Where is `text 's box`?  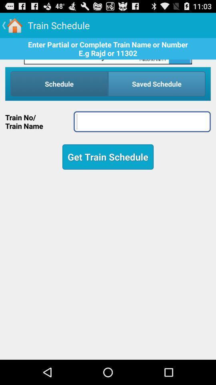 text 's box is located at coordinates (142, 122).